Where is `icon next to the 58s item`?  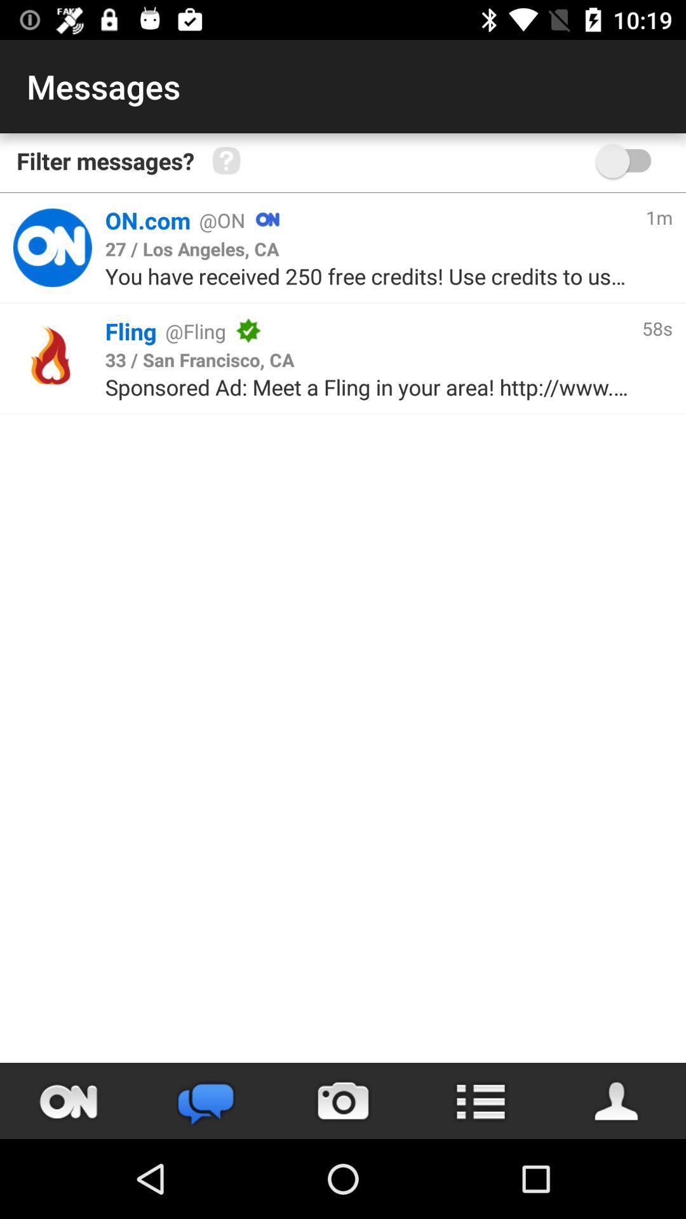 icon next to the 58s item is located at coordinates (444, 331).